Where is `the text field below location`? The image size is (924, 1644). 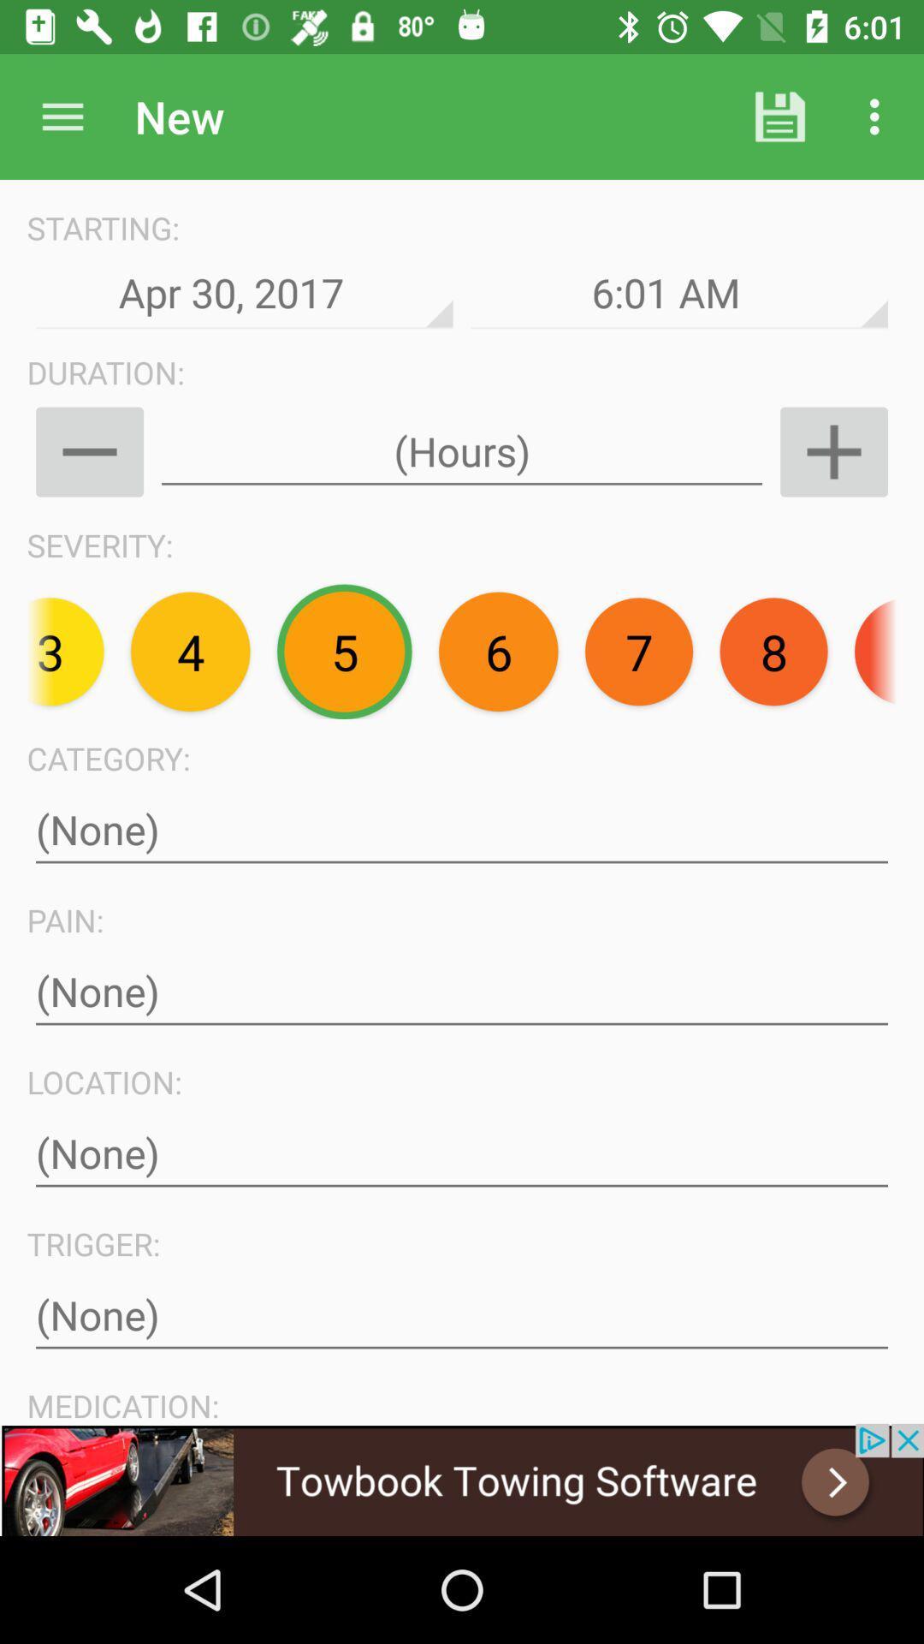
the text field below location is located at coordinates (462, 1154).